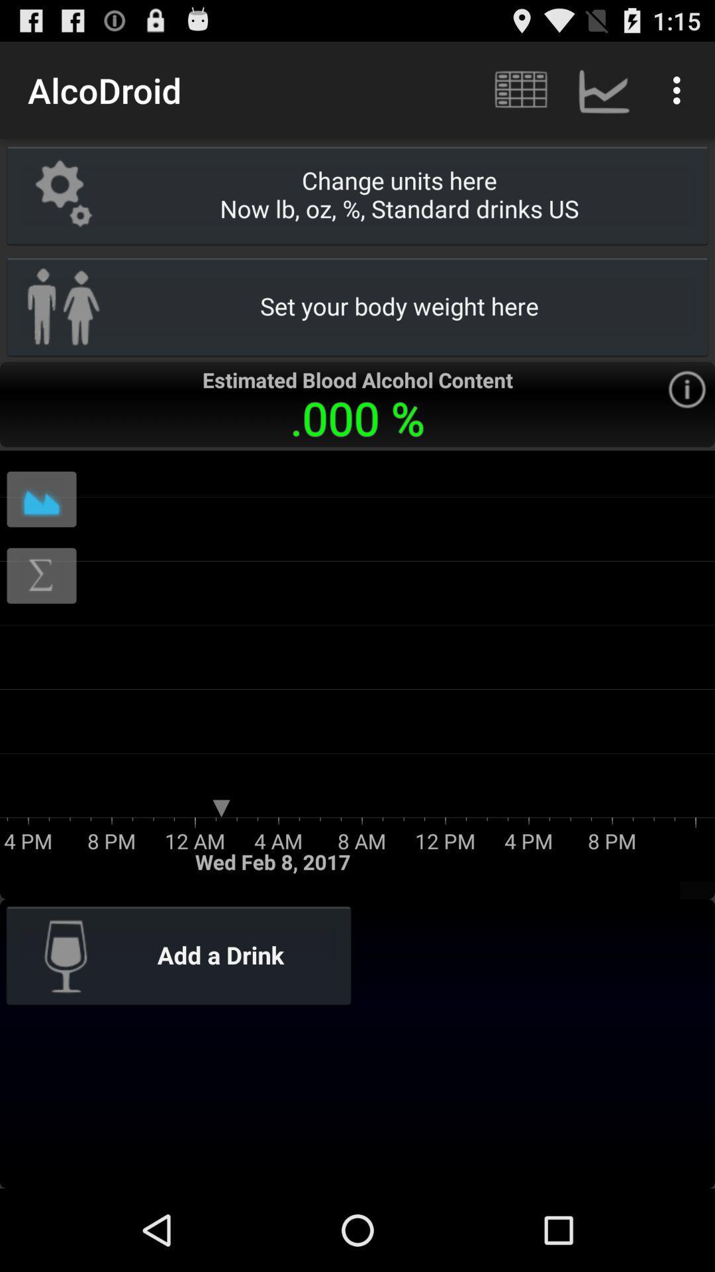 This screenshot has width=715, height=1272. Describe the element at coordinates (687, 389) in the screenshot. I see `the icon to the right side of 000` at that location.